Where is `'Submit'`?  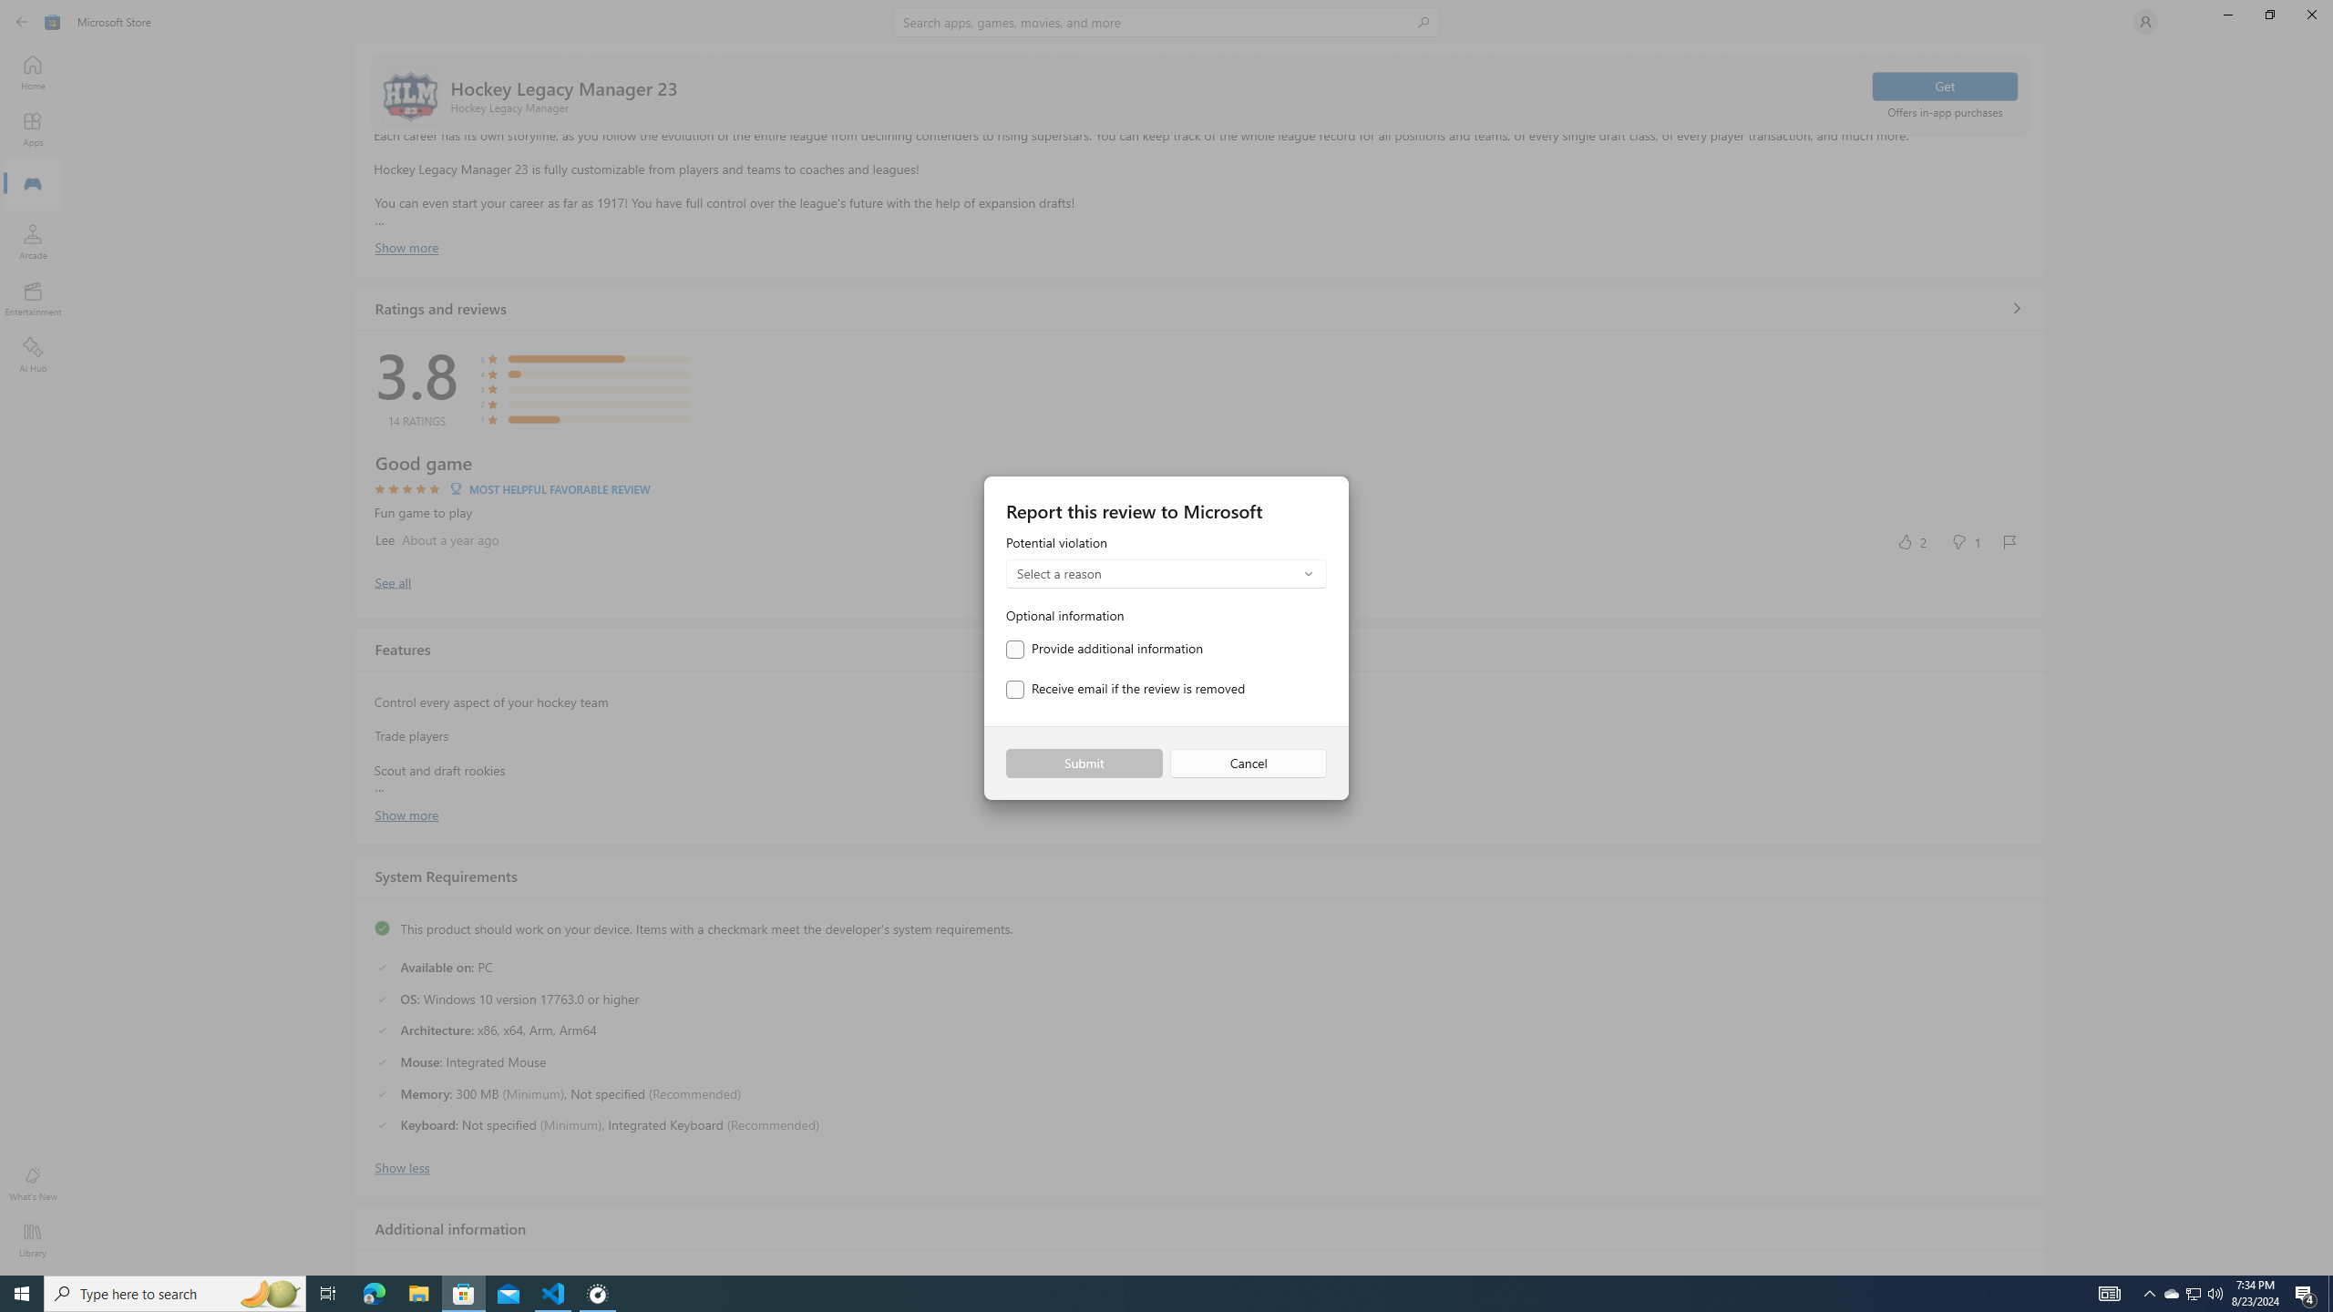 'Submit' is located at coordinates (1084, 764).